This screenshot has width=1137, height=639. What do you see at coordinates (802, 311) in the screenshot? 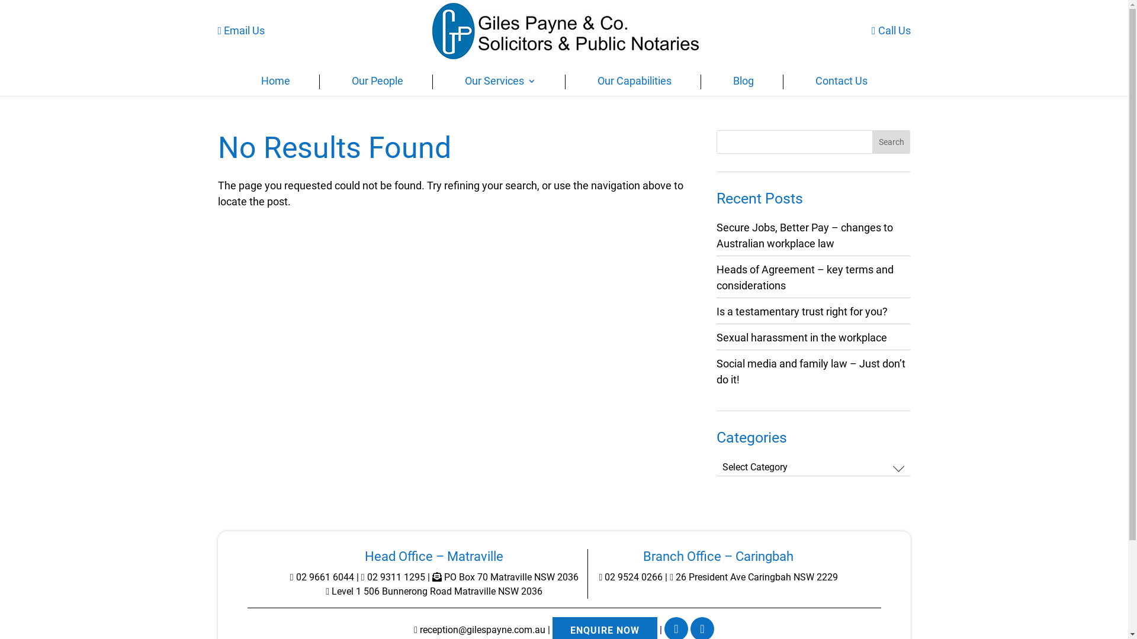
I see `'Is a testamentary trust right for you?'` at bounding box center [802, 311].